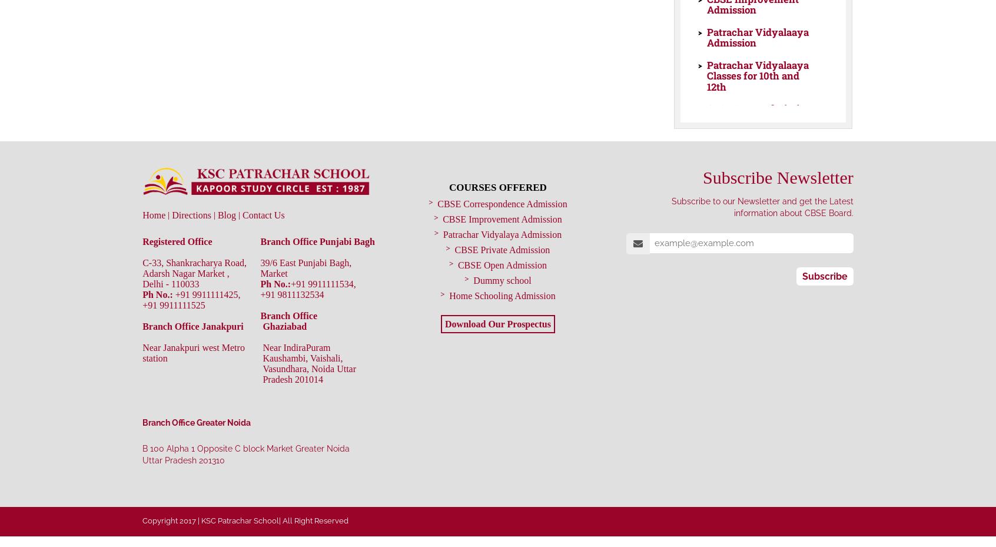 This screenshot has height=547, width=996. Describe the element at coordinates (501, 234) in the screenshot. I see `'Patrachar Vidyalaya Admission'` at that location.